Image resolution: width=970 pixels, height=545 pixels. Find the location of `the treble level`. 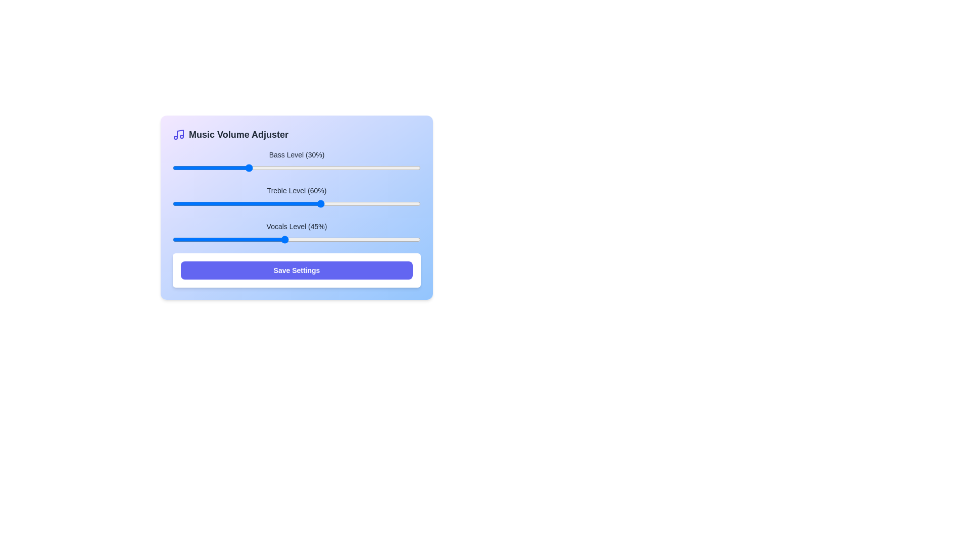

the treble level is located at coordinates (267, 204).